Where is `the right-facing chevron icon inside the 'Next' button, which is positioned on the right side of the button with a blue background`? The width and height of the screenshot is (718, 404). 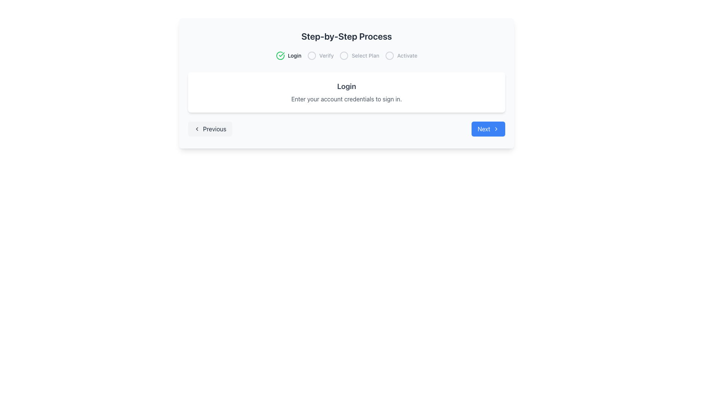
the right-facing chevron icon inside the 'Next' button, which is positioned on the right side of the button with a blue background is located at coordinates (496, 128).